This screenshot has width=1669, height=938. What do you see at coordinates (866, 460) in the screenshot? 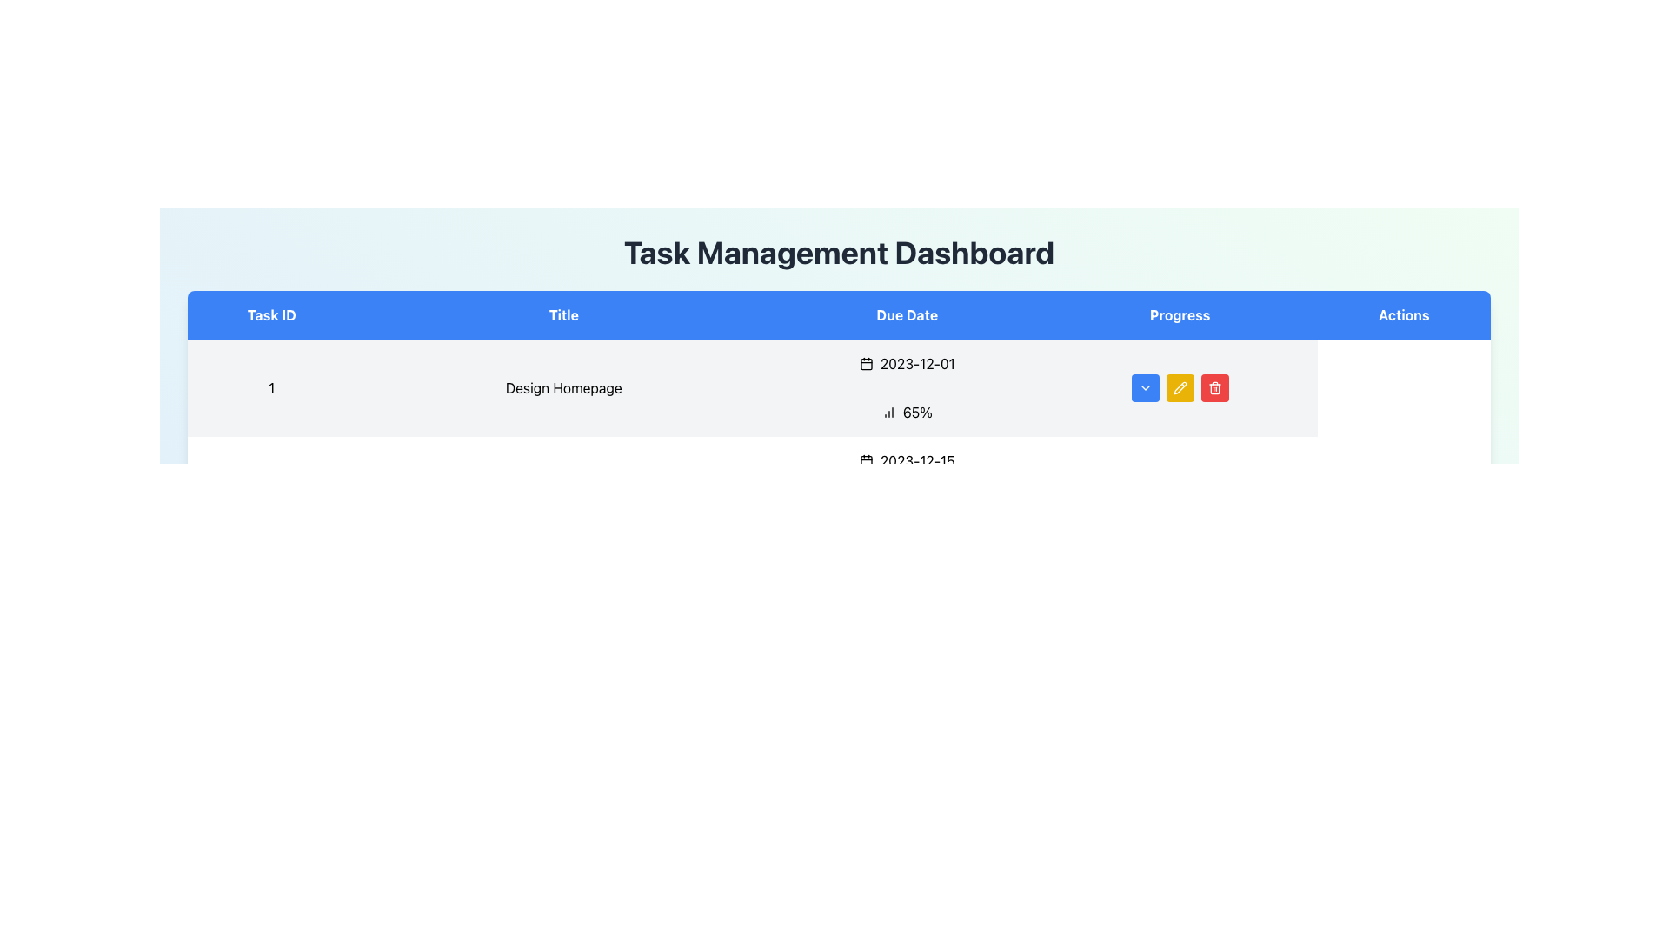
I see `the SVG calendar icon with a black outline located next to the date label '2023-12-15' under the 'Due Date' column` at bounding box center [866, 460].